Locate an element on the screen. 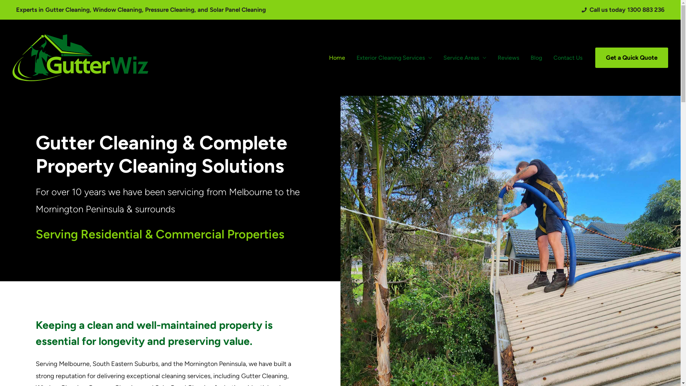  'Home' is located at coordinates (337, 57).